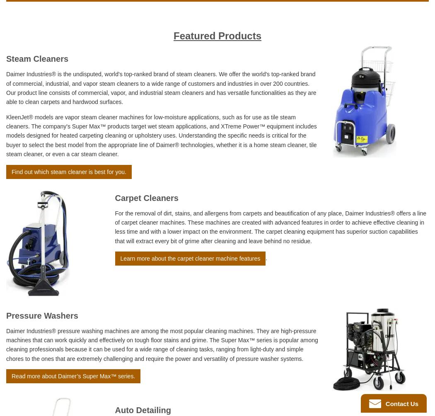  I want to click on 'Featured Products', so click(217, 35).